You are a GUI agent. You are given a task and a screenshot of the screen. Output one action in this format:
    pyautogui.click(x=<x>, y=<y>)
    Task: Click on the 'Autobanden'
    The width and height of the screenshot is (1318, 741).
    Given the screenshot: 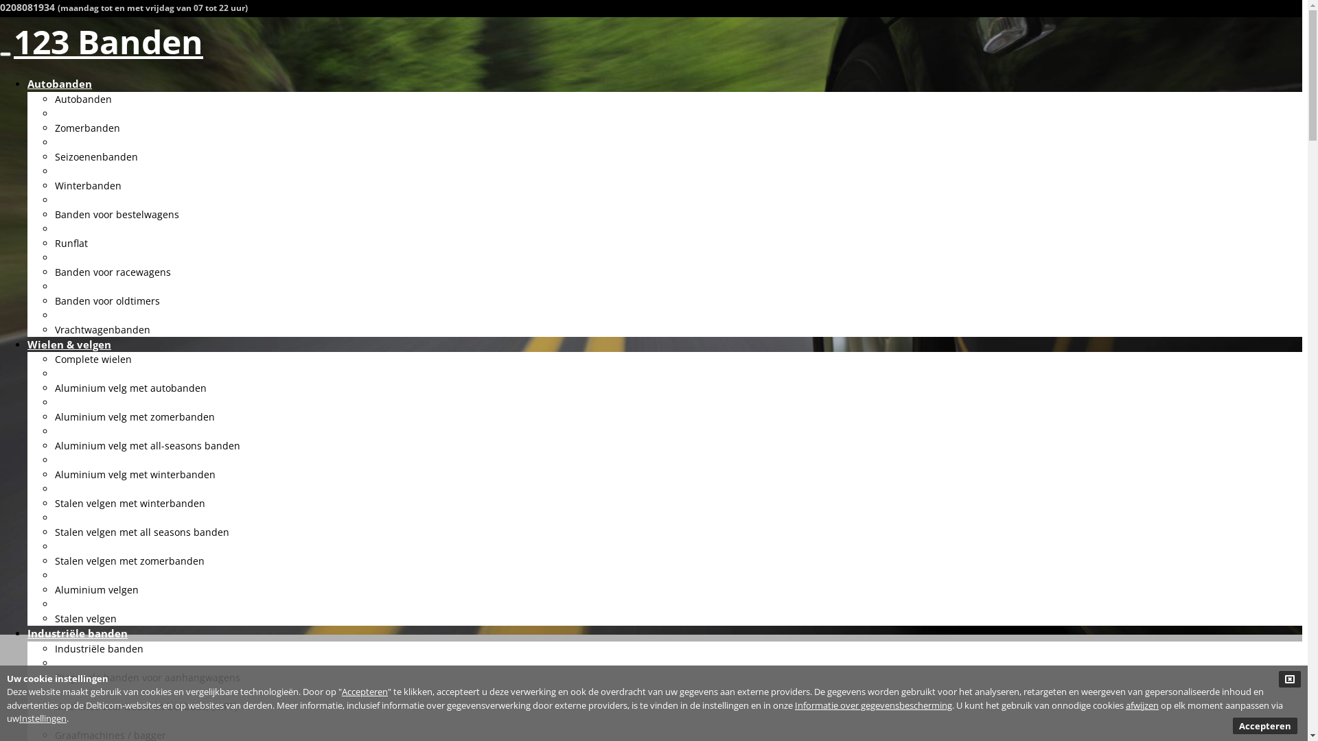 What is the action you would take?
    pyautogui.click(x=82, y=97)
    